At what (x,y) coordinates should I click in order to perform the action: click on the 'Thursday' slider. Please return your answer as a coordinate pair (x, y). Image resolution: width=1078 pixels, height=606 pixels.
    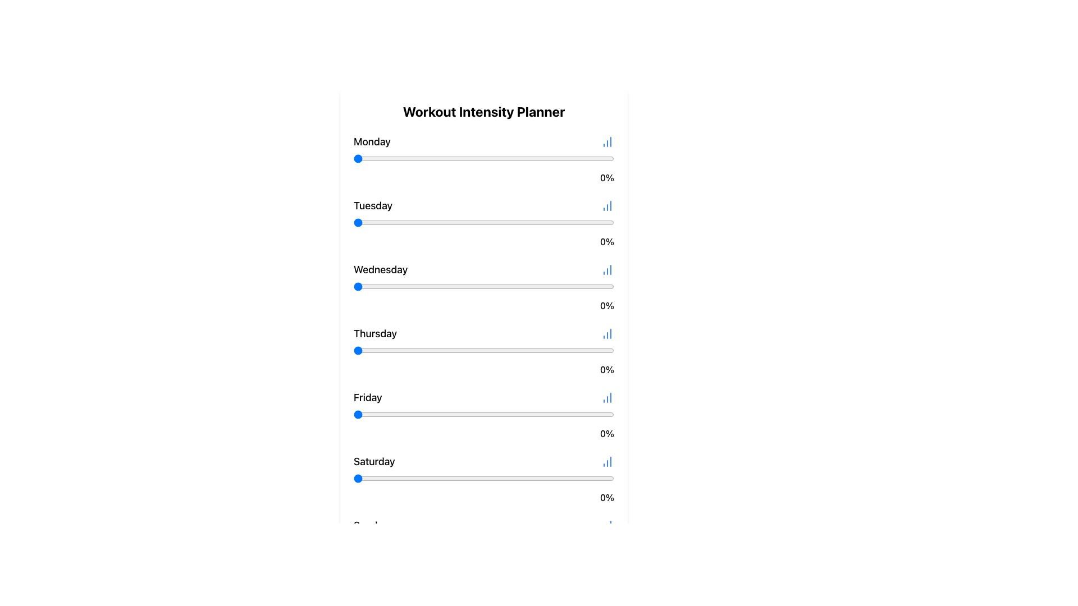
    Looking at the image, I should click on (436, 350).